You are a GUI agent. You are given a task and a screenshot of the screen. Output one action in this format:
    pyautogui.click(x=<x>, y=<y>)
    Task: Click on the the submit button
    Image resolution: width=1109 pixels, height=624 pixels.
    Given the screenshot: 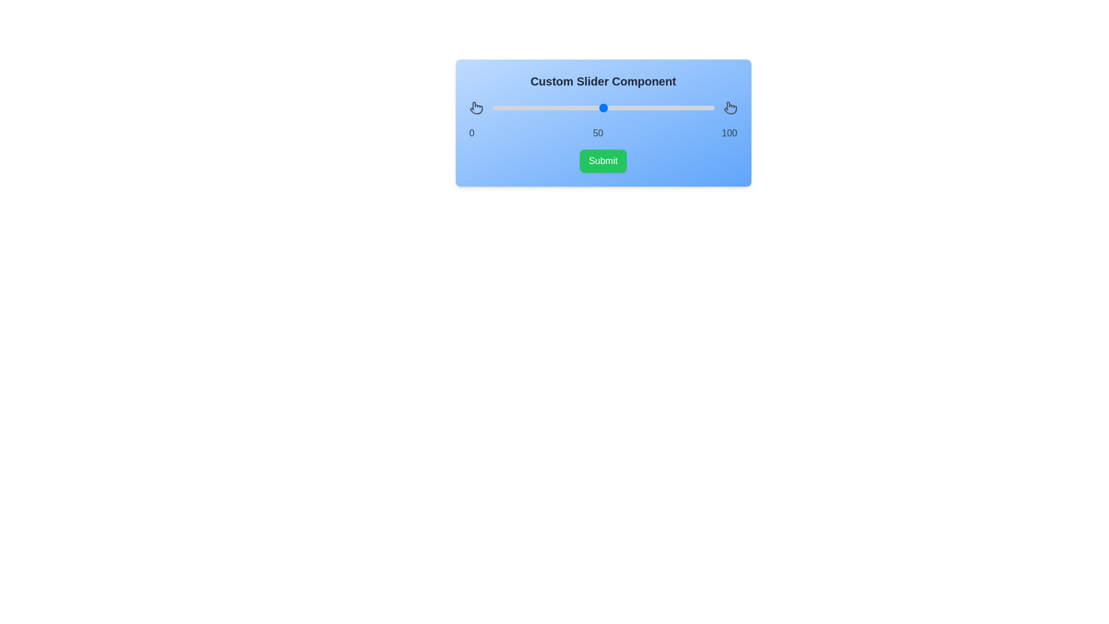 What is the action you would take?
    pyautogui.click(x=602, y=161)
    